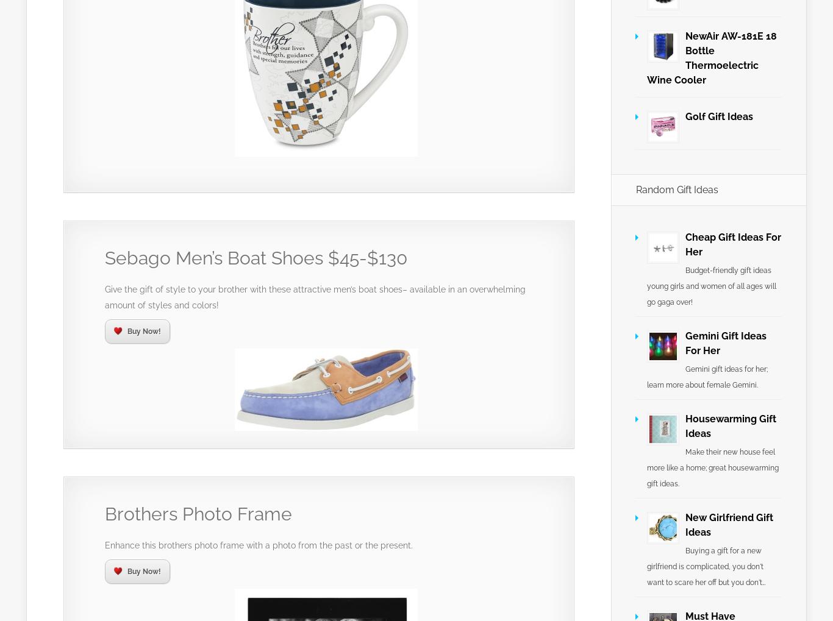 Image resolution: width=833 pixels, height=621 pixels. I want to click on 'Brothers Photo Frame', so click(198, 513).